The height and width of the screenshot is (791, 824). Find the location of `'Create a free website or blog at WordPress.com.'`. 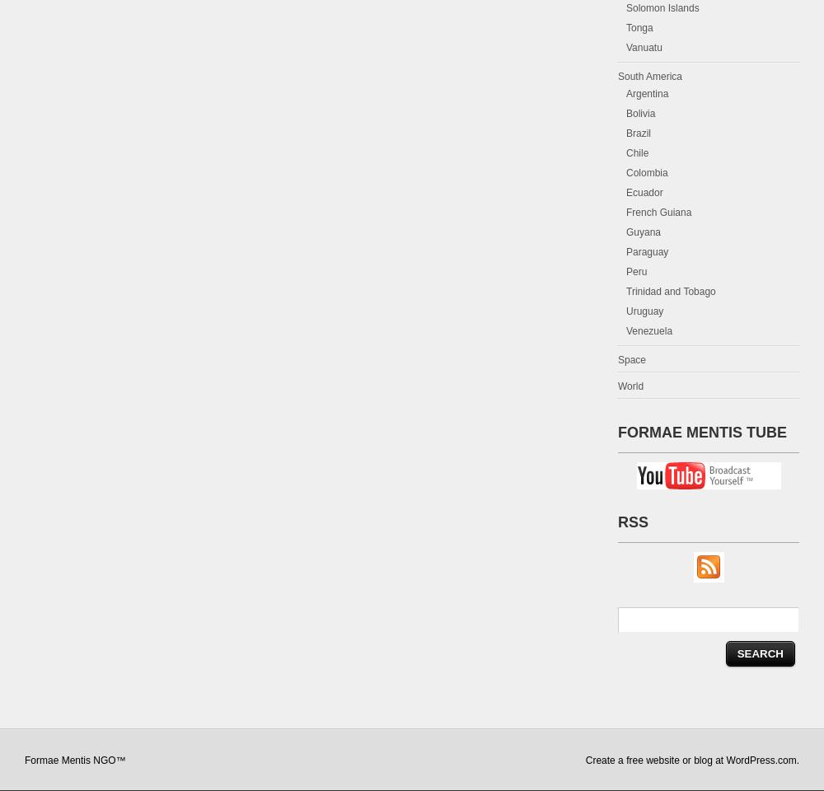

'Create a free website or blog at WordPress.com.' is located at coordinates (691, 761).